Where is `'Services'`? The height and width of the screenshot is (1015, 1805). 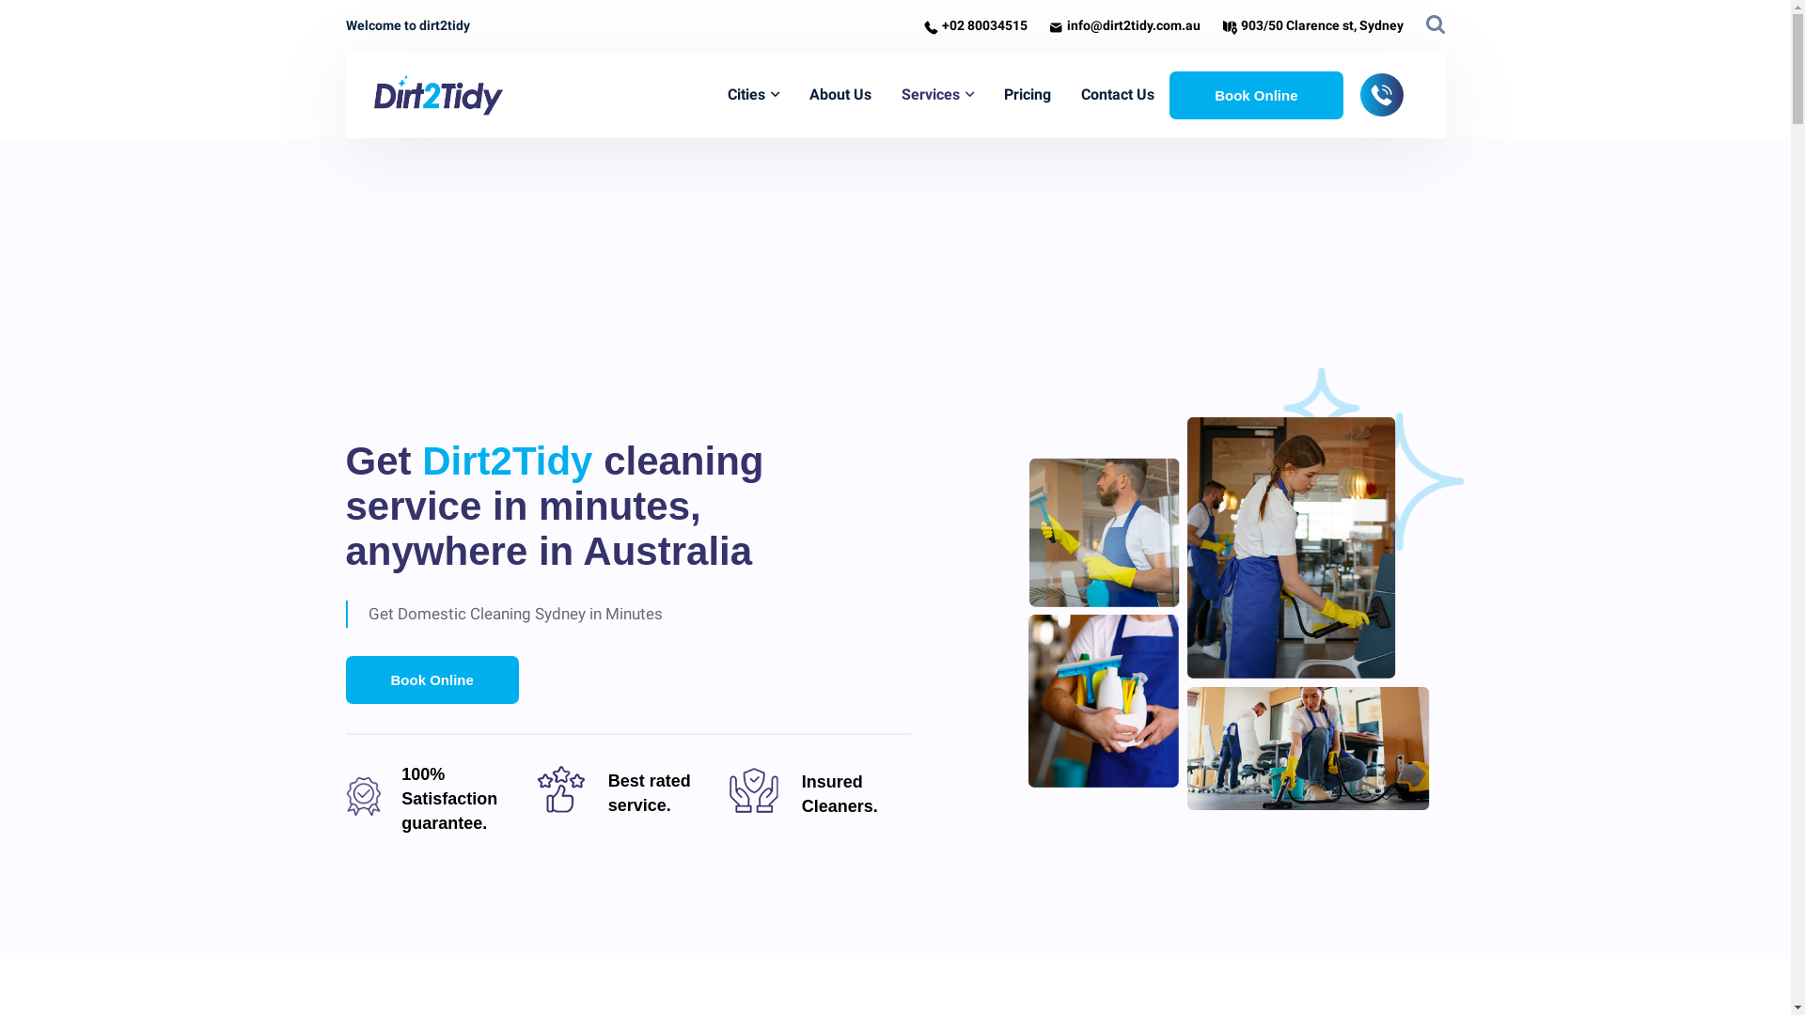 'Services' is located at coordinates (901, 94).